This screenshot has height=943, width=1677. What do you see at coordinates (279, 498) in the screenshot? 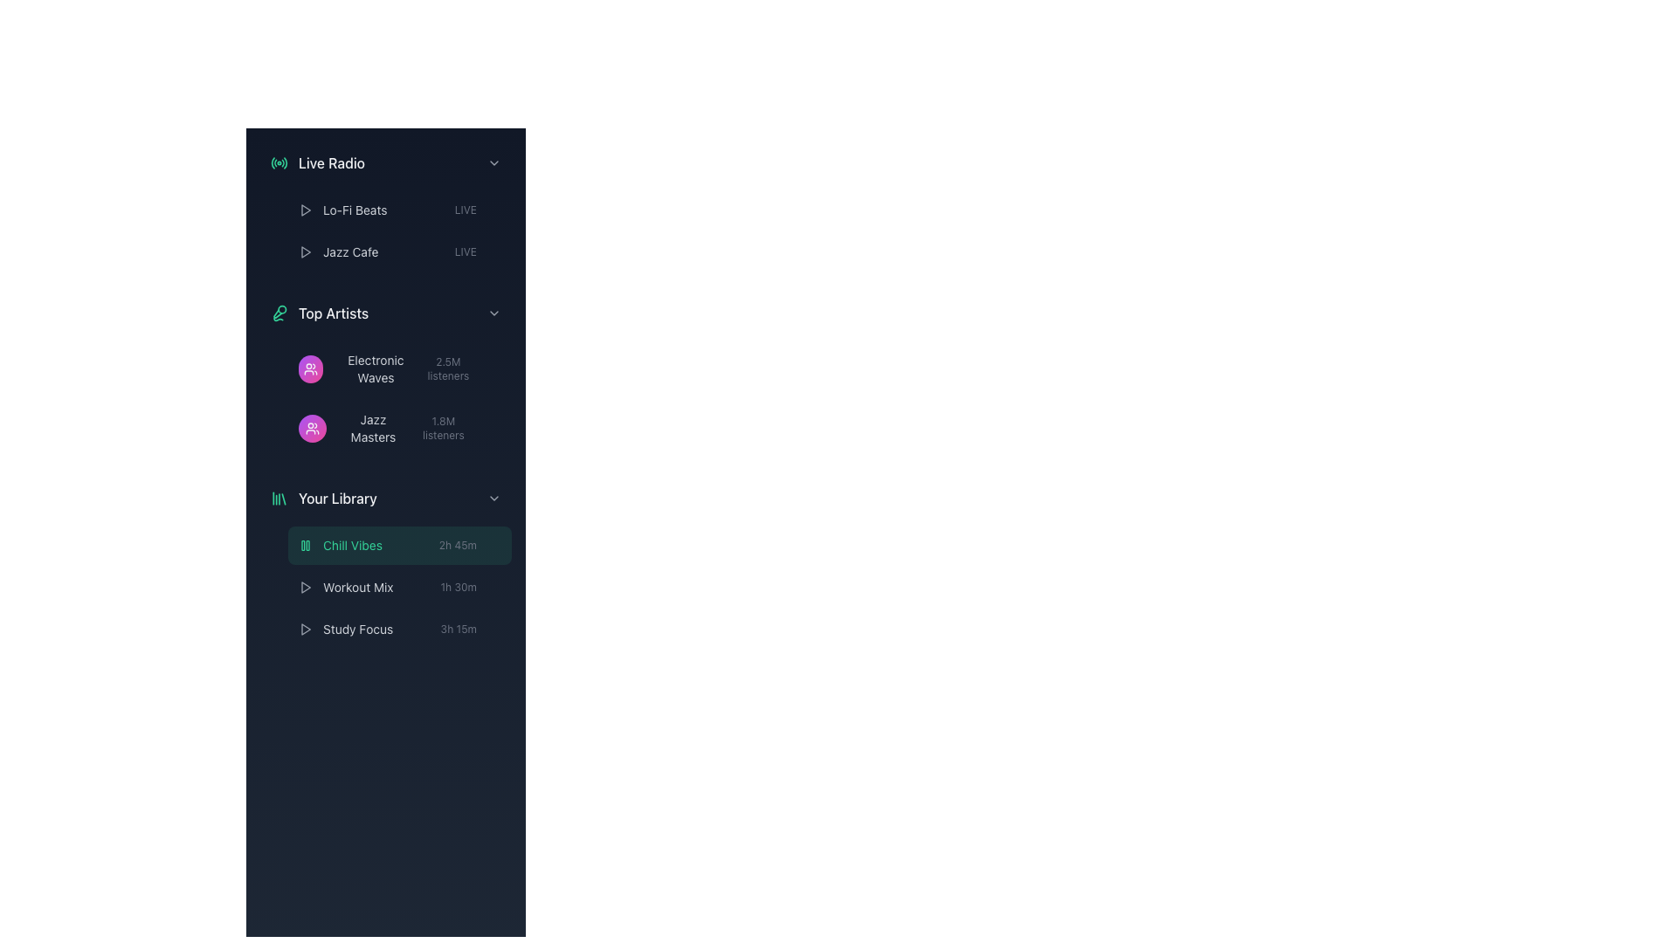
I see `the emerald green bookshelf icon located to the left of the 'Your Library' text` at bounding box center [279, 498].